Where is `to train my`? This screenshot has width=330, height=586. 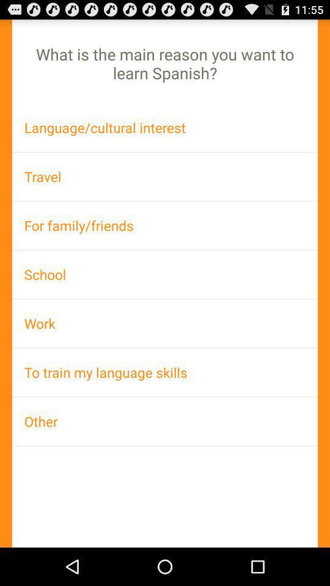
to train my is located at coordinates (165, 372).